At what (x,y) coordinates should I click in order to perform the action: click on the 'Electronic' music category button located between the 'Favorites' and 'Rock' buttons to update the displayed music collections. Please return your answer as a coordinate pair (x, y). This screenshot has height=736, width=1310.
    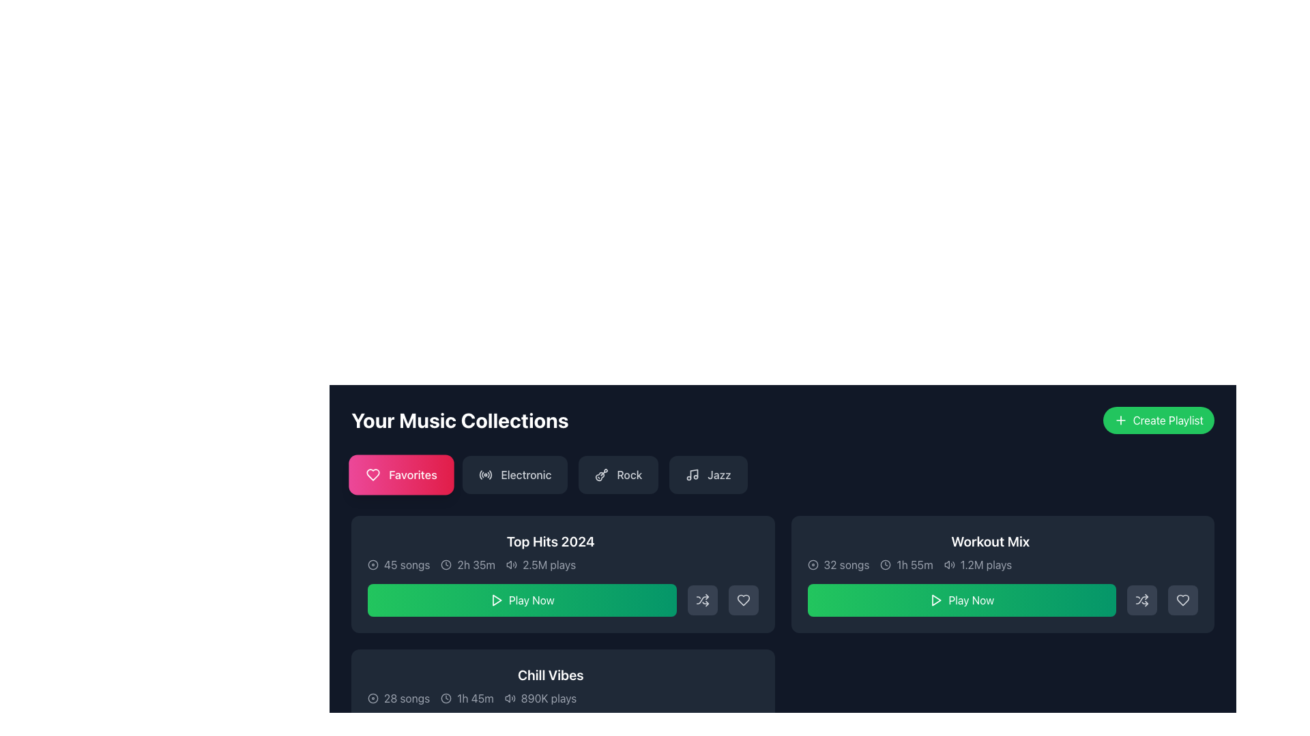
    Looking at the image, I should click on (514, 474).